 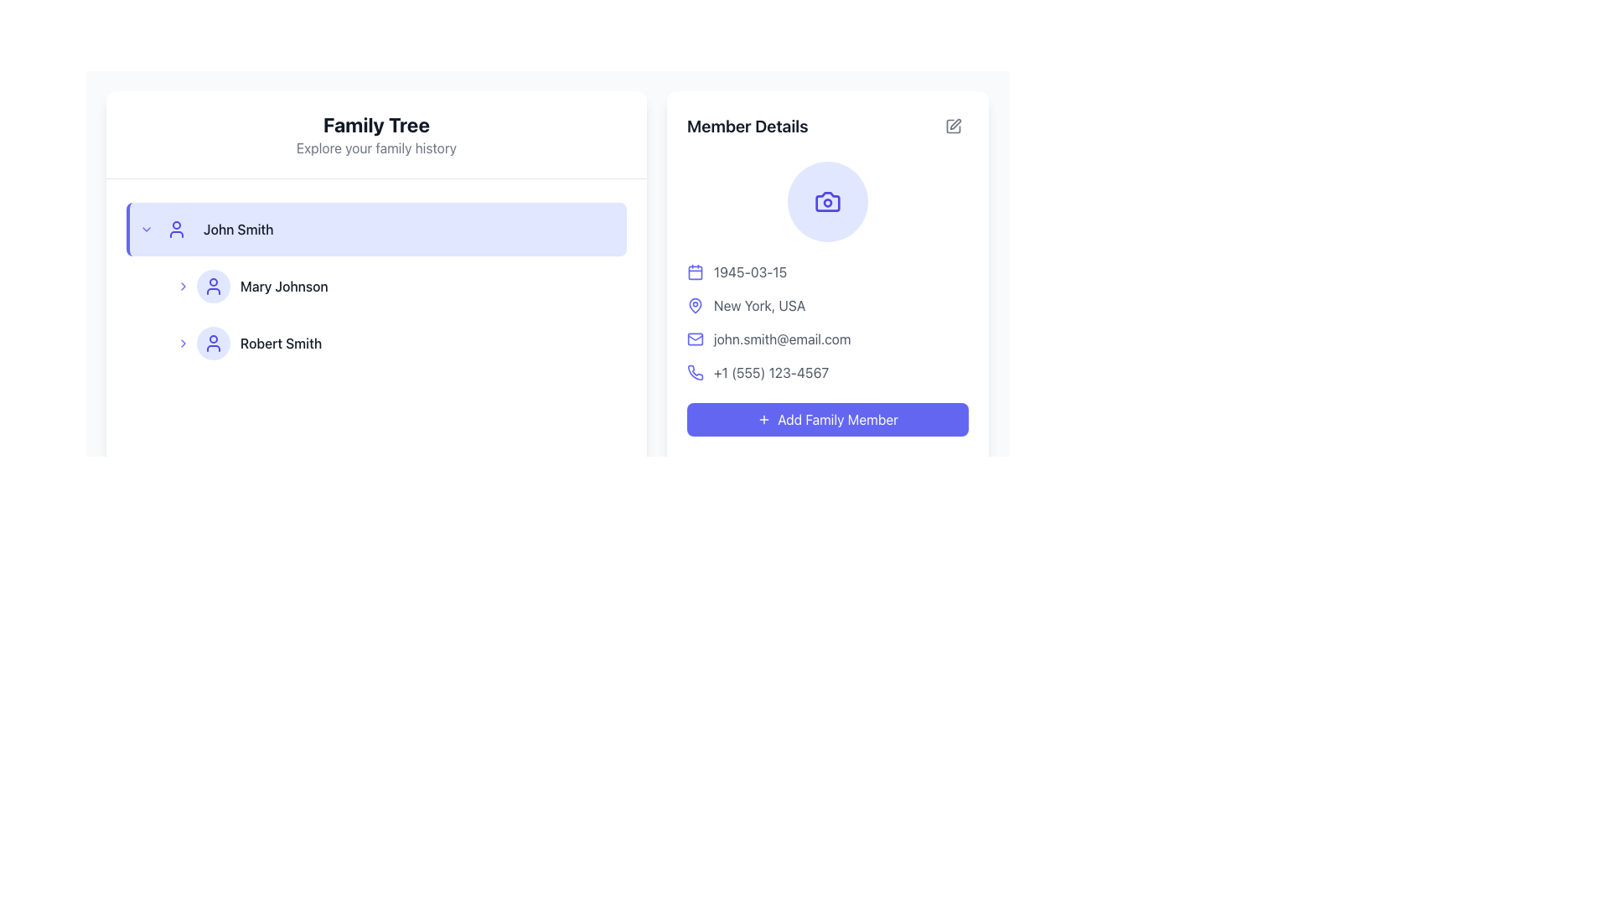 What do you see at coordinates (781, 339) in the screenshot?
I see `the static text element displaying 'john.smith@email.com' located in the Member Details section, positioned below 'New York, USA' and above the phone number '+1 (555) 123-4567'` at bounding box center [781, 339].